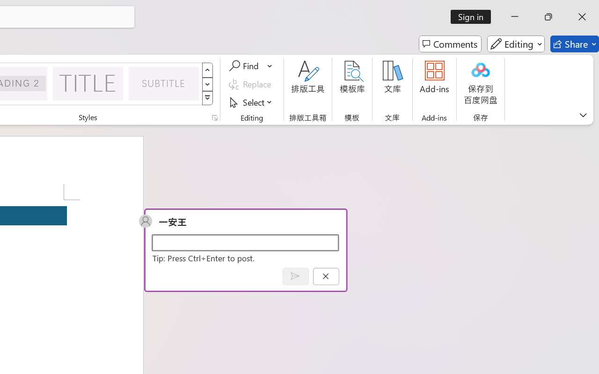 This screenshot has width=599, height=374. Describe the element at coordinates (474, 16) in the screenshot. I see `'Sign in'` at that location.